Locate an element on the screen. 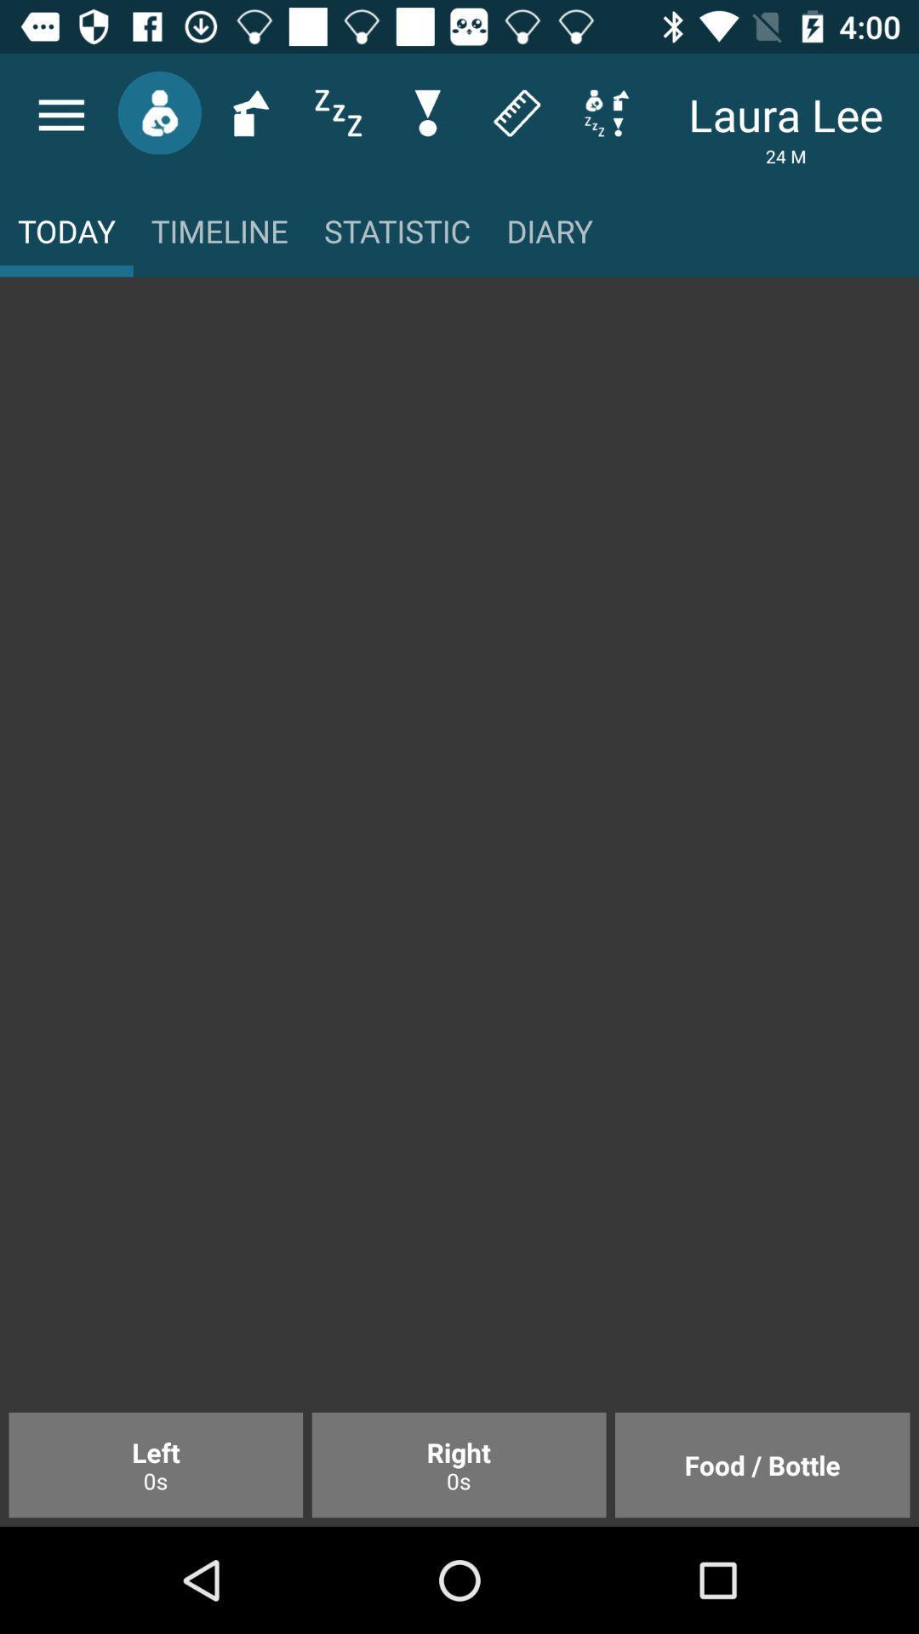  icon next to the right is located at coordinates (762, 1464).